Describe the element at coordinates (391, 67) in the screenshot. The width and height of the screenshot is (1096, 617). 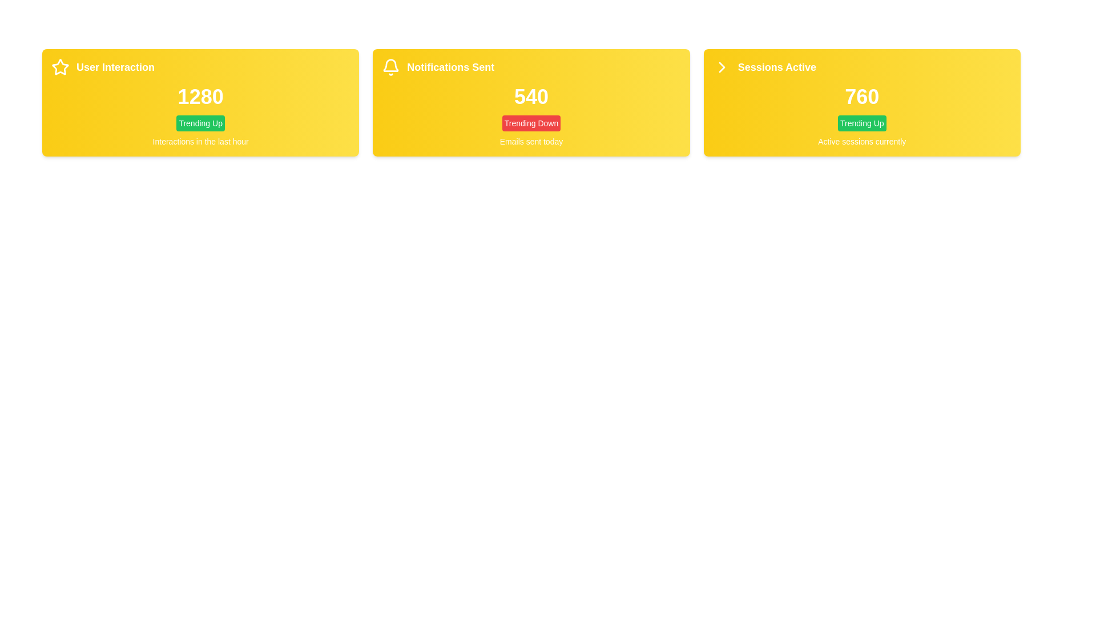
I see `the bell icon located at the top-left corner inside the 'Notifications Sent' card to signify notifications or alerts using touch gestures` at that location.